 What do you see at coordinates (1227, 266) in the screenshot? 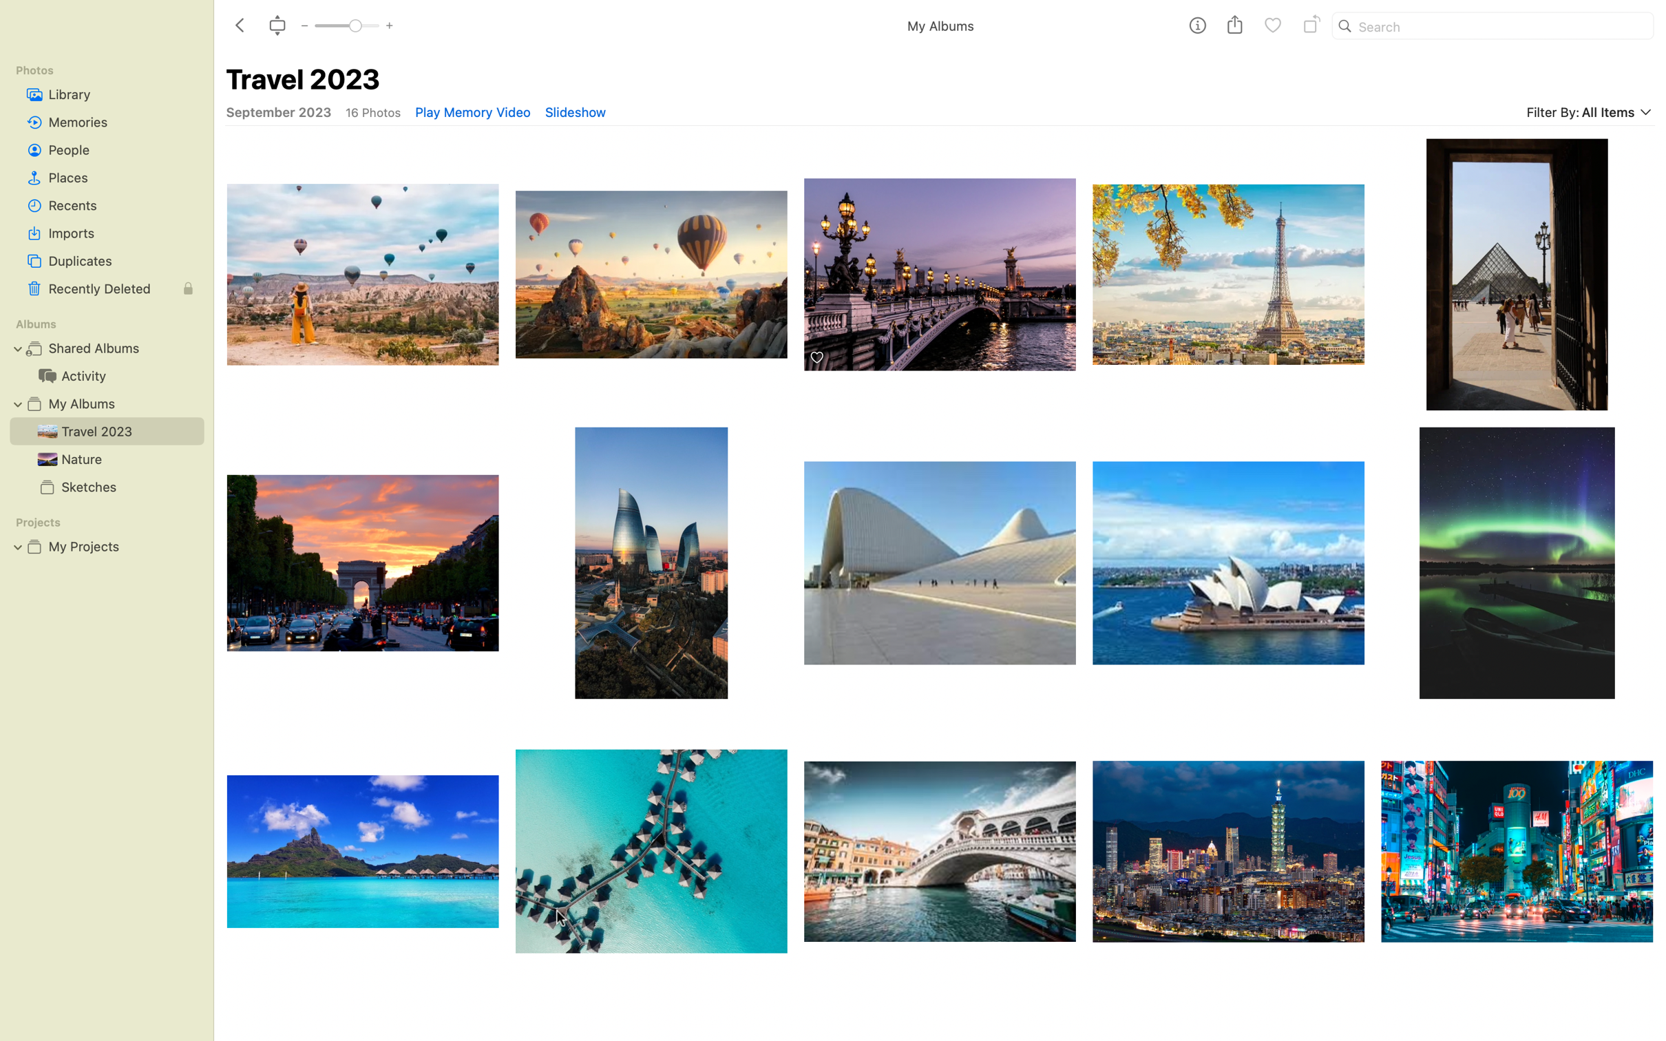
I see `two full turns to an Eiffel Tower snapshot` at bounding box center [1227, 266].